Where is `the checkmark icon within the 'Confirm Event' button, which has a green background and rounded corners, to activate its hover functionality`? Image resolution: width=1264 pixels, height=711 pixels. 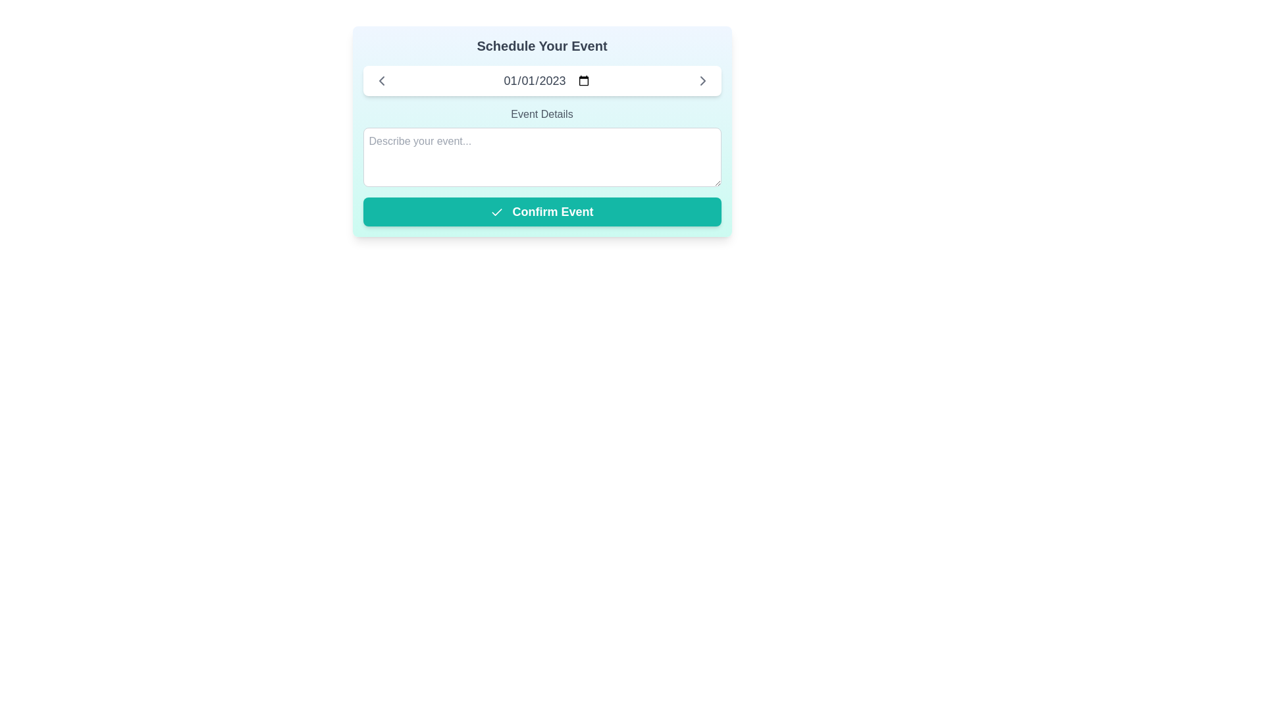 the checkmark icon within the 'Confirm Event' button, which has a green background and rounded corners, to activate its hover functionality is located at coordinates (496, 211).